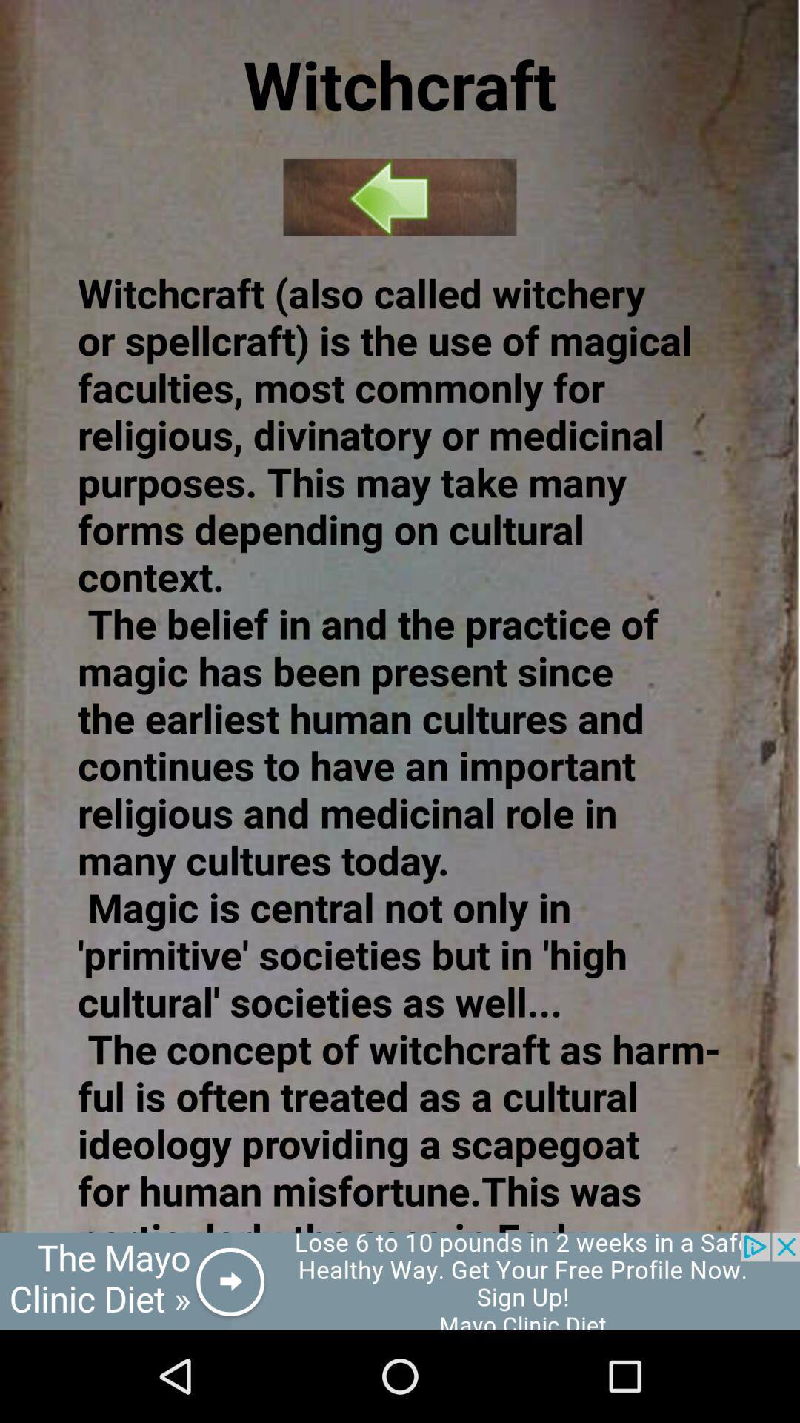 This screenshot has width=800, height=1423. What do you see at coordinates (400, 1280) in the screenshot?
I see `sign up to advertiser` at bounding box center [400, 1280].